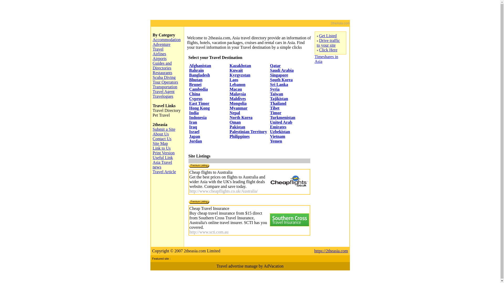 This screenshot has height=283, width=504. I want to click on 'Travelogues', so click(152, 96).